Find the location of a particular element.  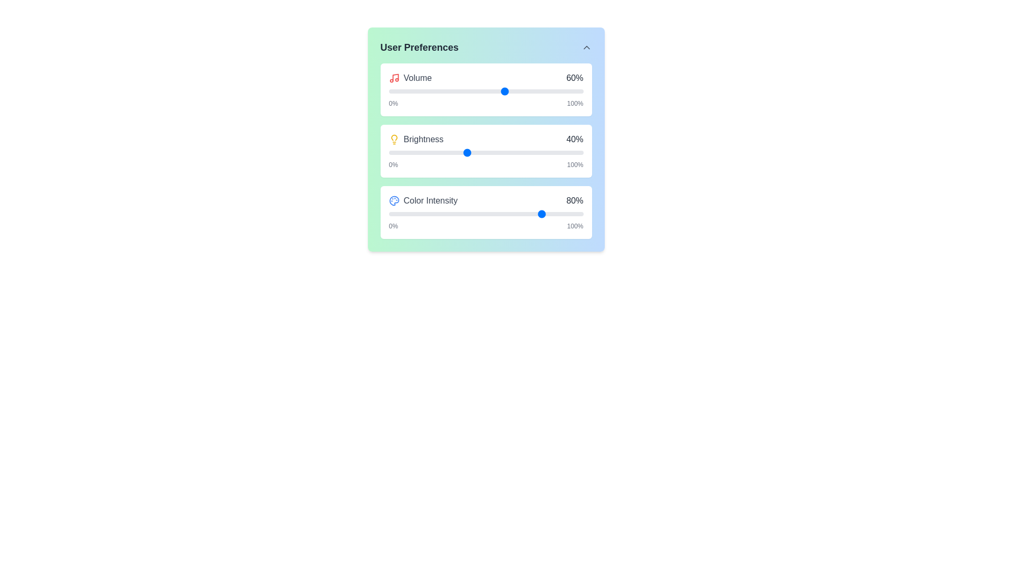

the volume is located at coordinates (567, 91).